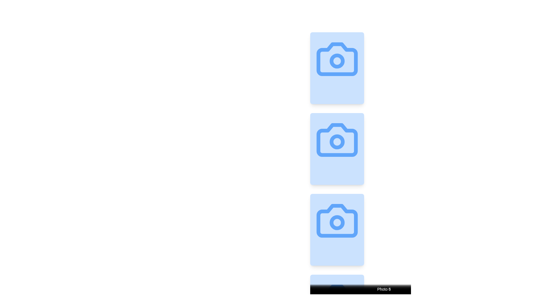  Describe the element at coordinates (384, 289) in the screenshot. I see `the Text Label that provides a descriptive title ('Photo 6') for the associated image, located within a horizontal black gradient bar at the bottom of the last image` at that location.